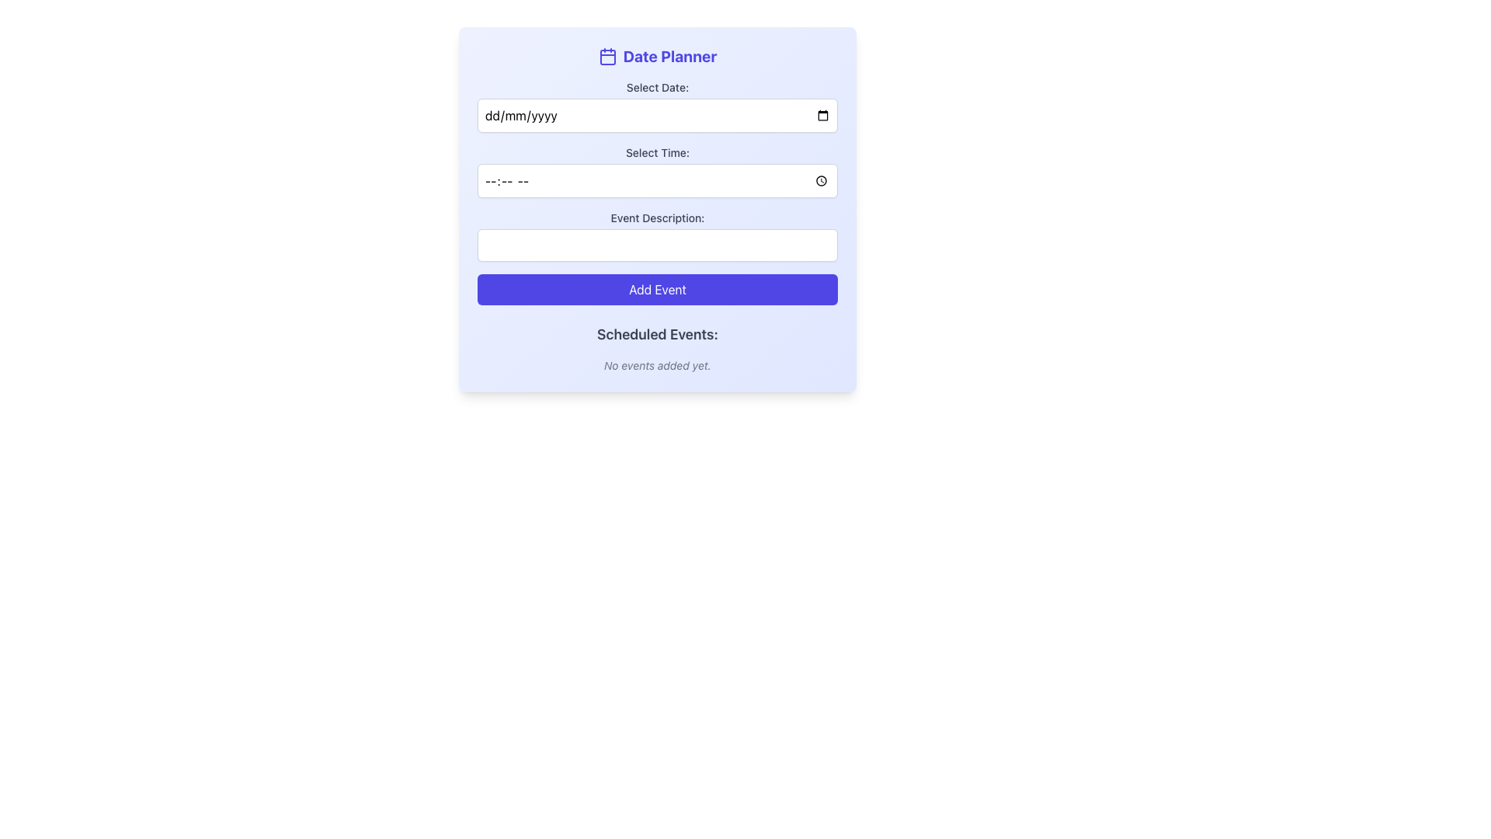 The width and height of the screenshot is (1491, 839). What do you see at coordinates (606, 56) in the screenshot?
I see `the decorative rectangular component with rounded corners inside the calendar icon in the 'Date Planner' interface` at bounding box center [606, 56].